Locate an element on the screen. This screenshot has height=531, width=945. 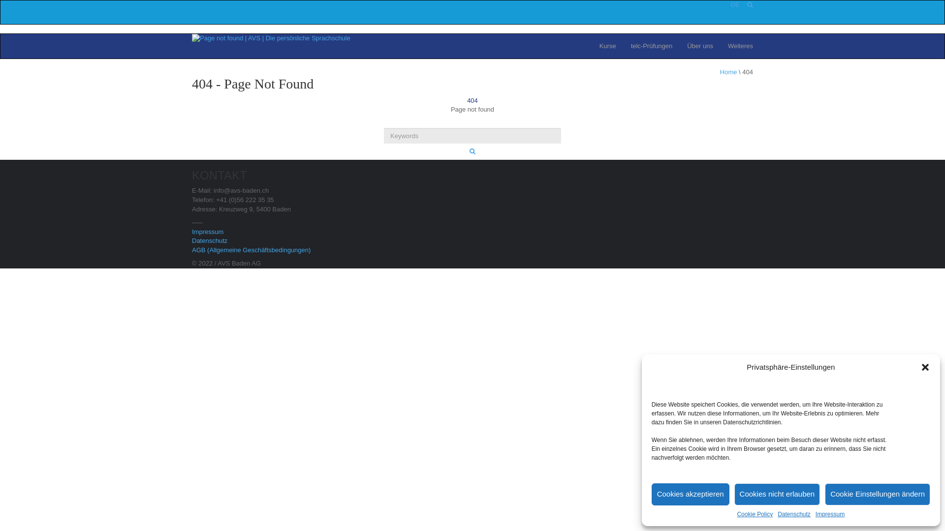
'Weiteres' is located at coordinates (740, 46).